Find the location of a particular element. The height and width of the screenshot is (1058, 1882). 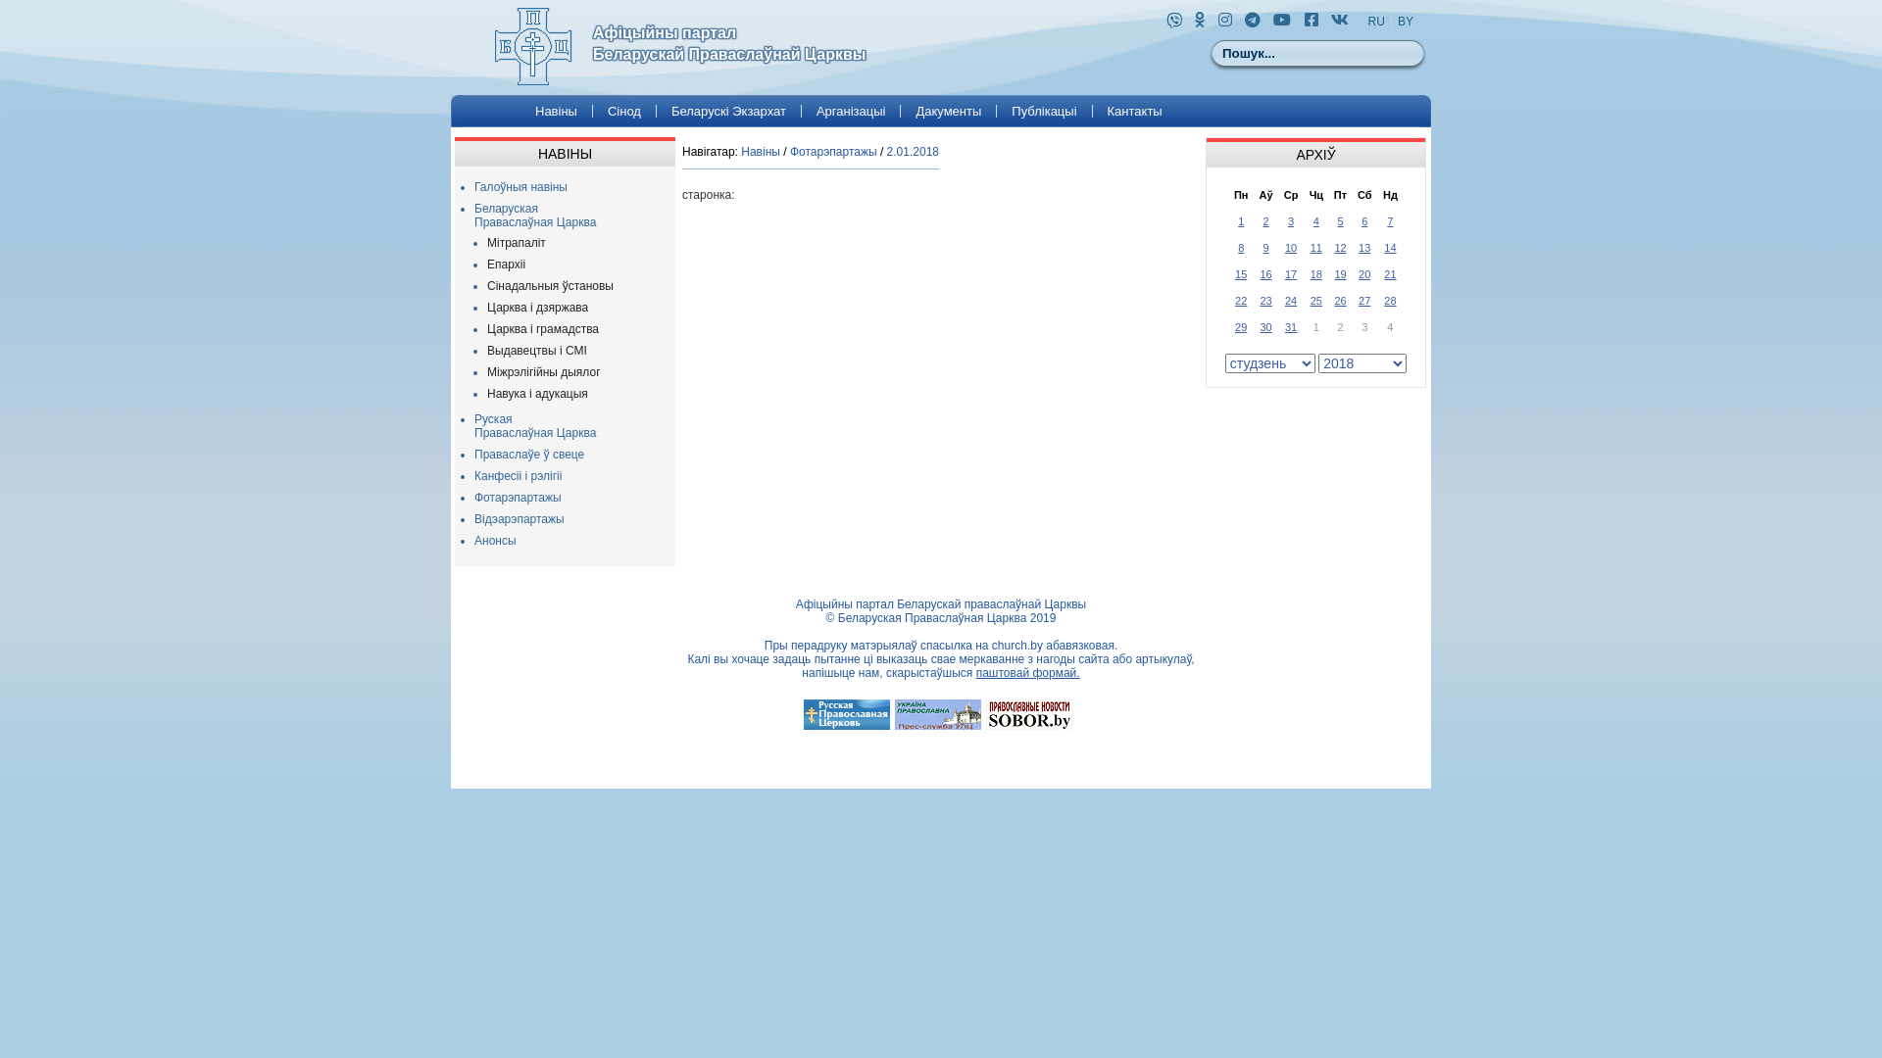

'17' is located at coordinates (1290, 274).